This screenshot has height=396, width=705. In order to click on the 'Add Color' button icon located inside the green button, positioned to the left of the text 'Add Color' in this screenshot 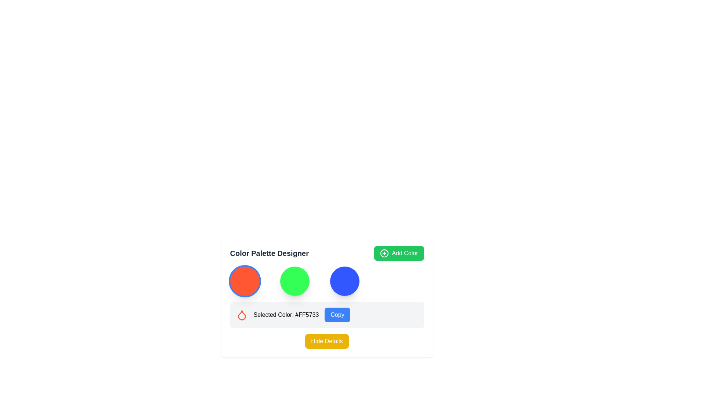, I will do `click(384, 253)`.